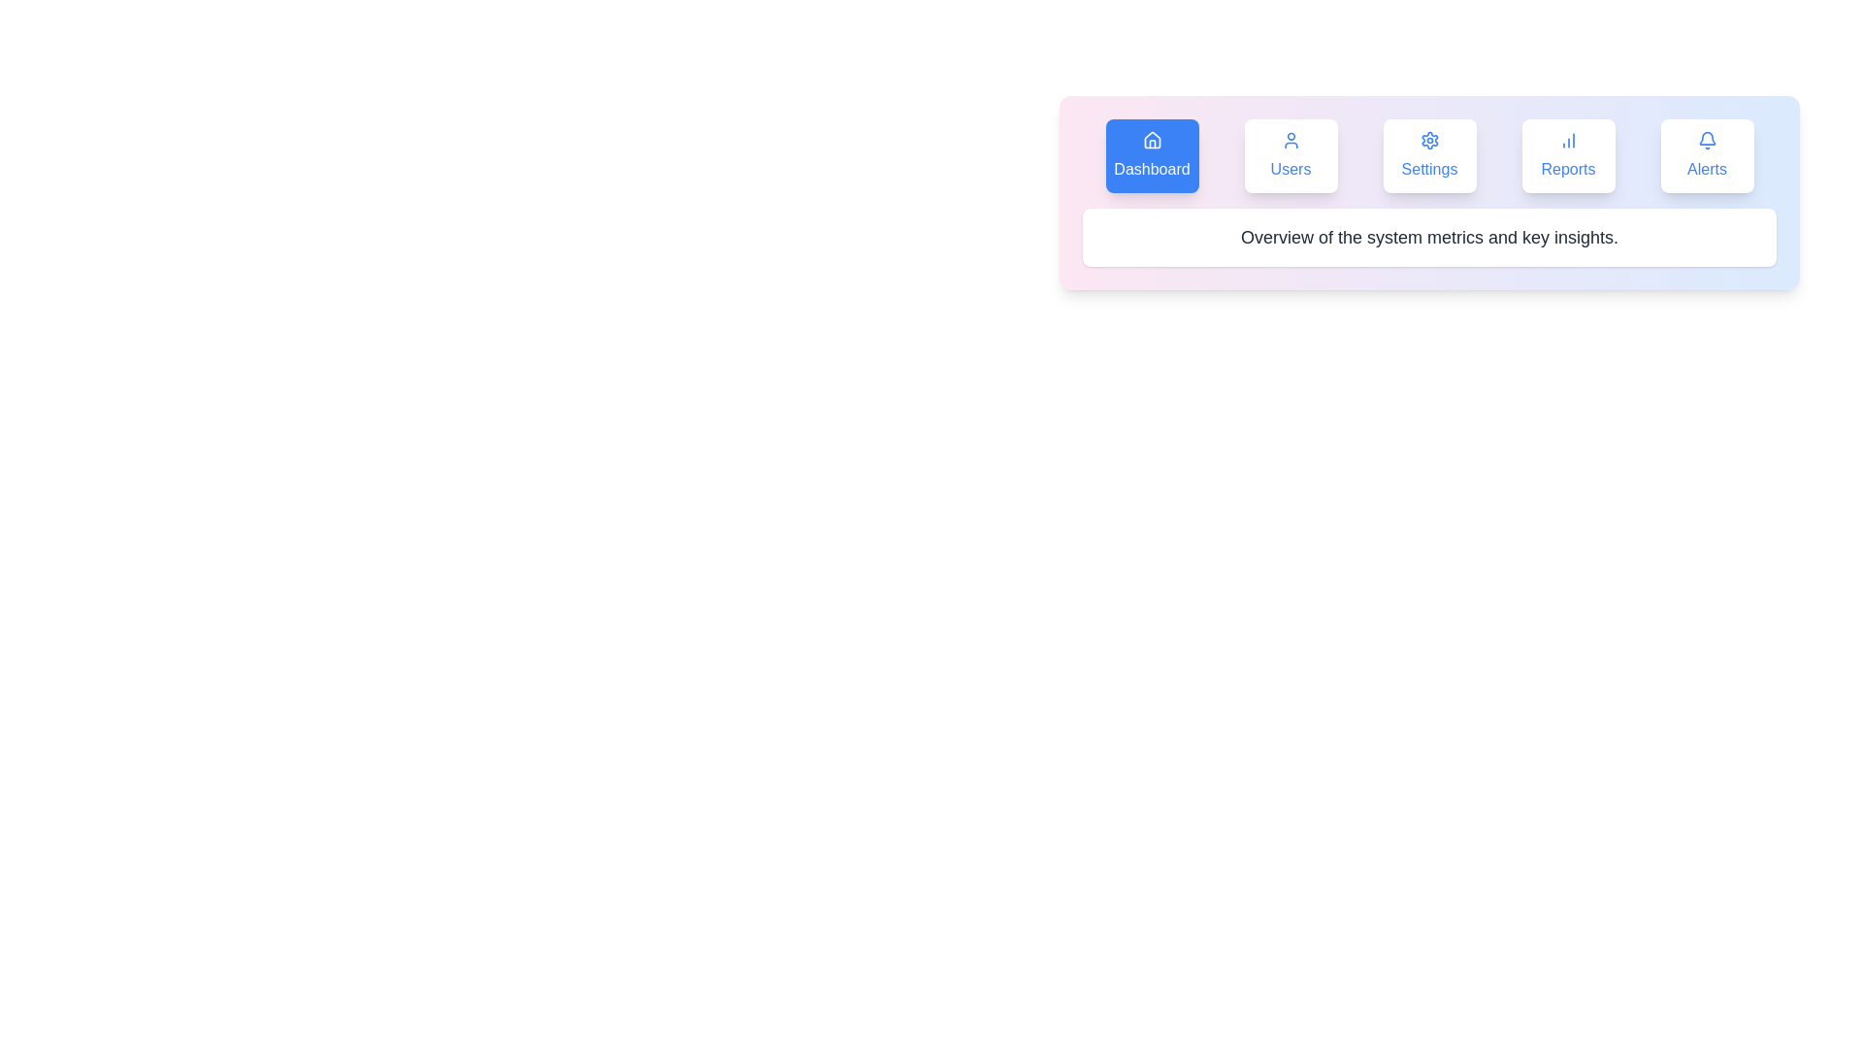 This screenshot has height=1048, width=1863. Describe the element at coordinates (1706, 140) in the screenshot. I see `the outlined blue bell icon located at the top-center of the 'Alerts' button` at that location.